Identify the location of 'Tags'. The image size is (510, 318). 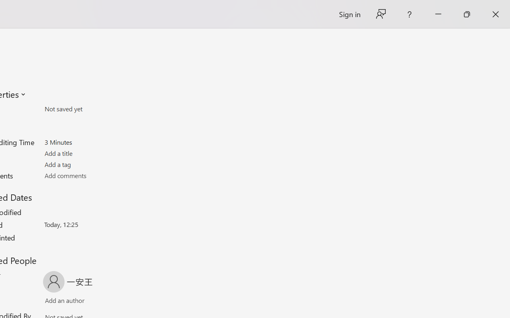
(91, 164).